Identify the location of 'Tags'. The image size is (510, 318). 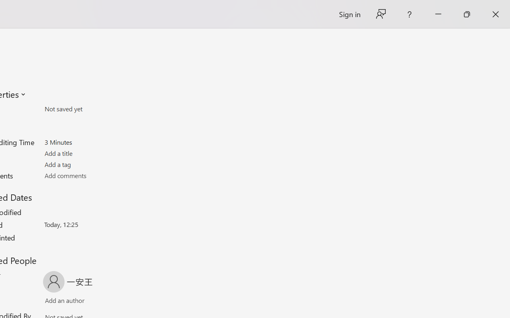
(91, 164).